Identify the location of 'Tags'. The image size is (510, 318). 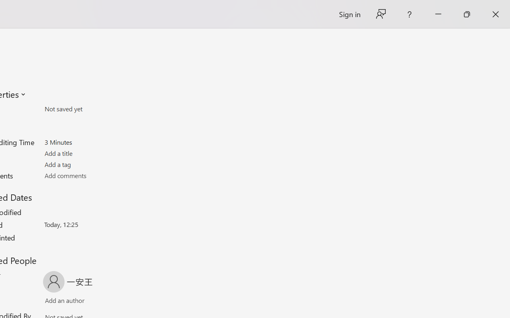
(91, 164).